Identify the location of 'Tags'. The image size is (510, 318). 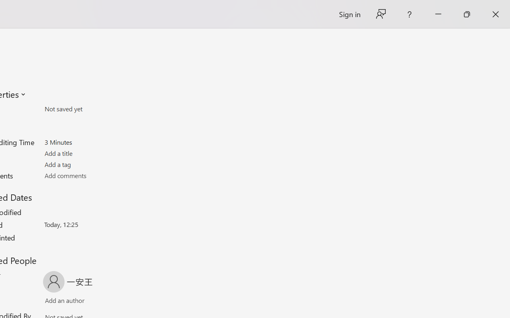
(91, 164).